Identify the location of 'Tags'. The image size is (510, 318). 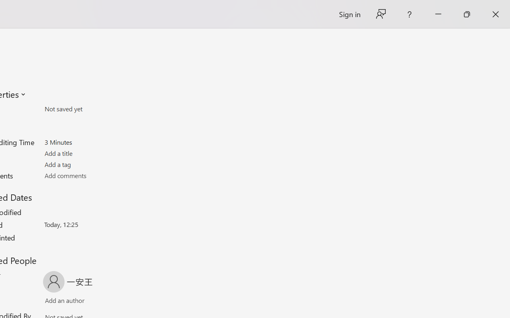
(91, 164).